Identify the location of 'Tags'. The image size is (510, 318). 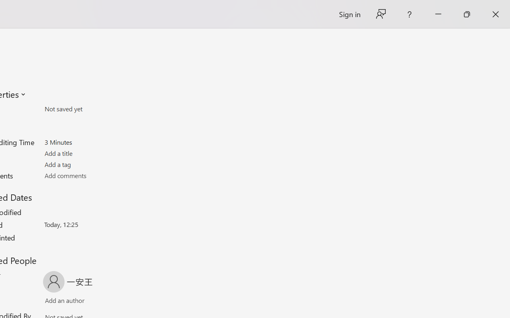
(91, 164).